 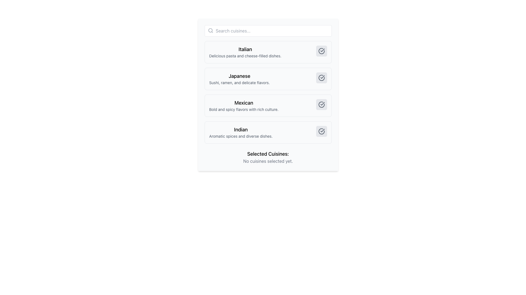 I want to click on the label indicating the purpose of the cuisine selection section, located above the message 'No cuisines selected yet.', so click(x=268, y=154).